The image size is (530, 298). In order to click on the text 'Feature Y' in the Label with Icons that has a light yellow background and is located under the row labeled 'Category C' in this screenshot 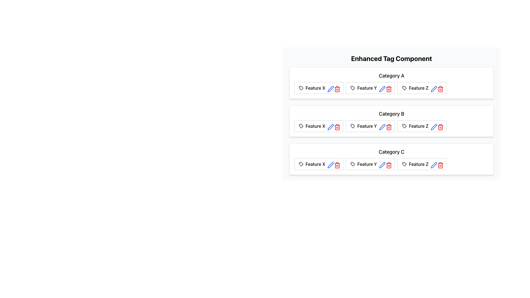, I will do `click(370, 164)`.